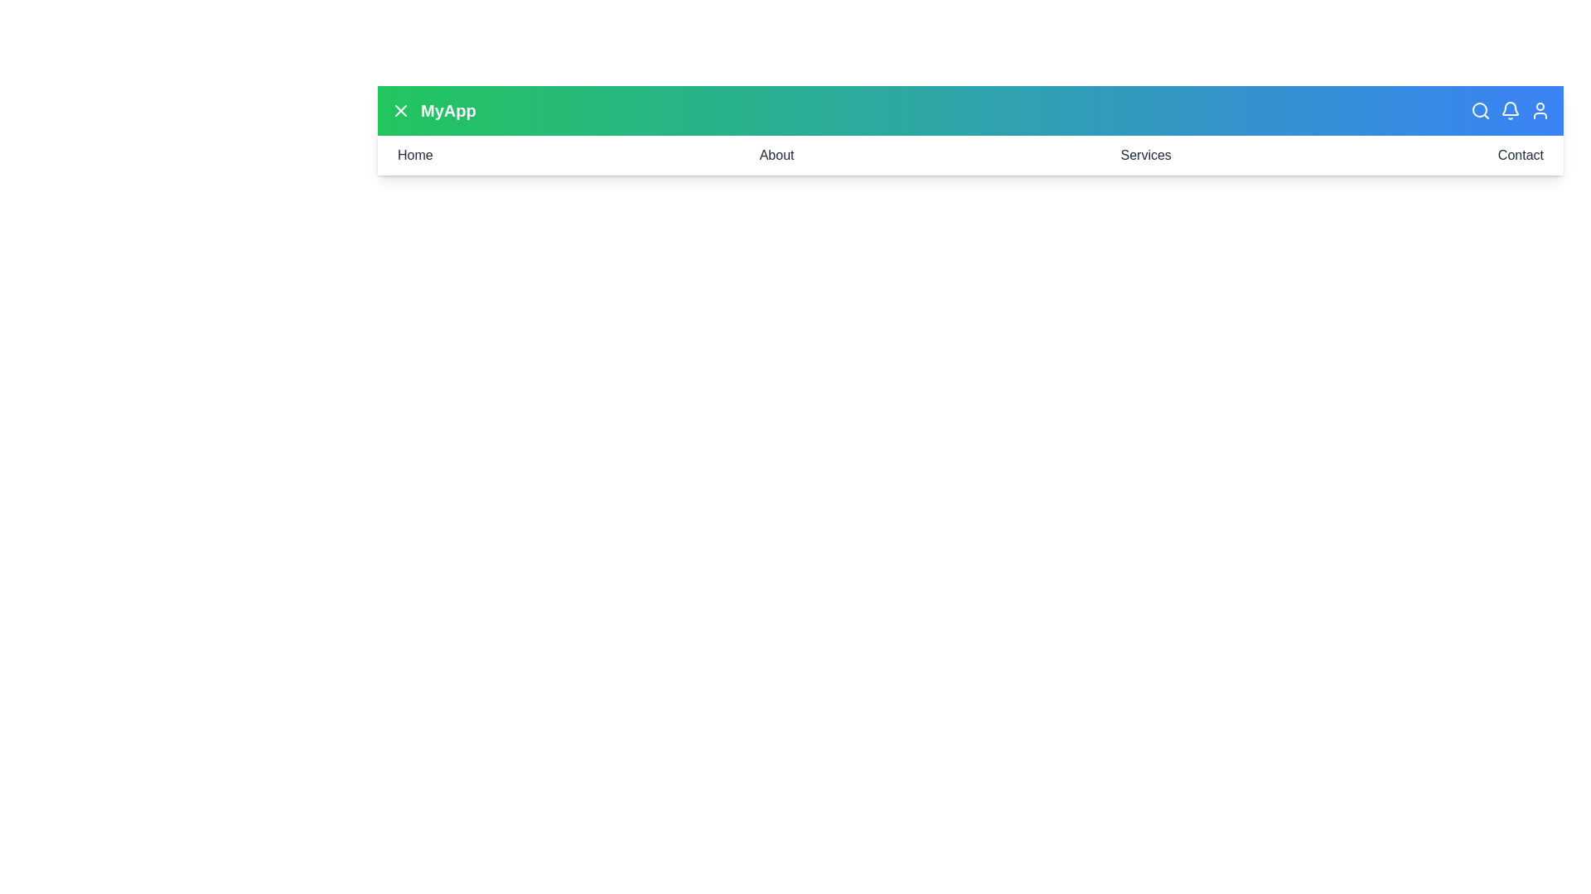 The image size is (1591, 894). What do you see at coordinates (401, 111) in the screenshot?
I see `the menu icon to toggle the menu visibility` at bounding box center [401, 111].